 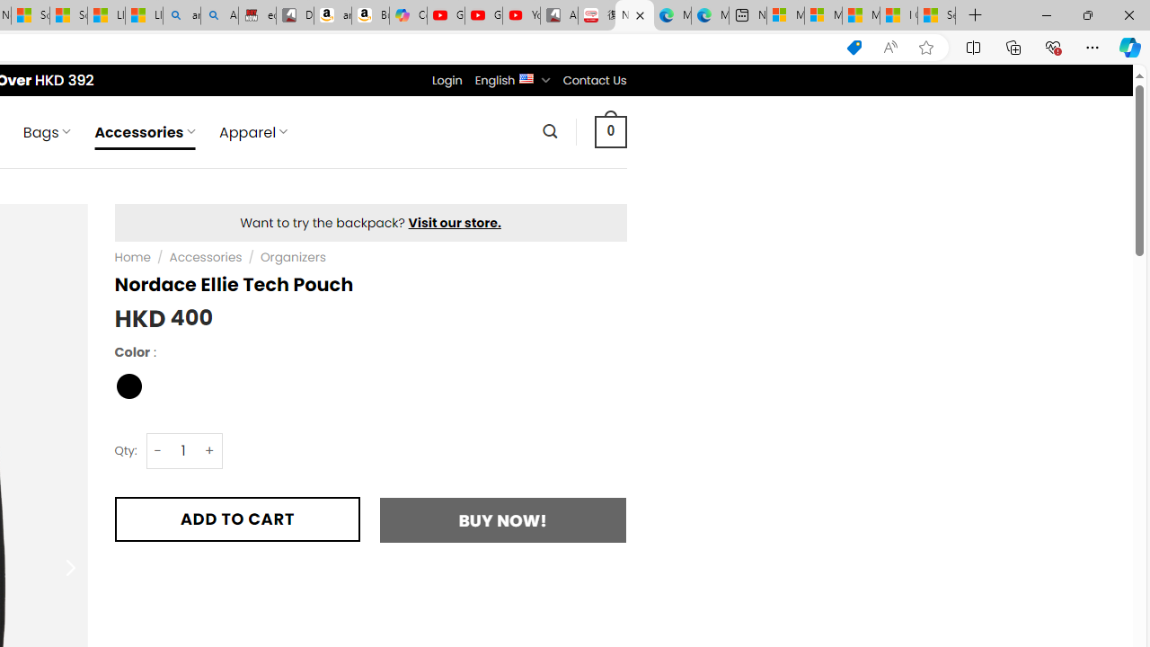 What do you see at coordinates (610, 130) in the screenshot?
I see `' 0 '` at bounding box center [610, 130].